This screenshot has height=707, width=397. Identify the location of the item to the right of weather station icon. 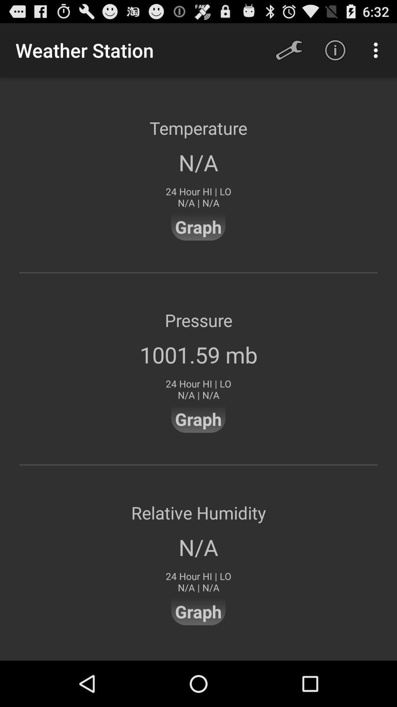
(289, 50).